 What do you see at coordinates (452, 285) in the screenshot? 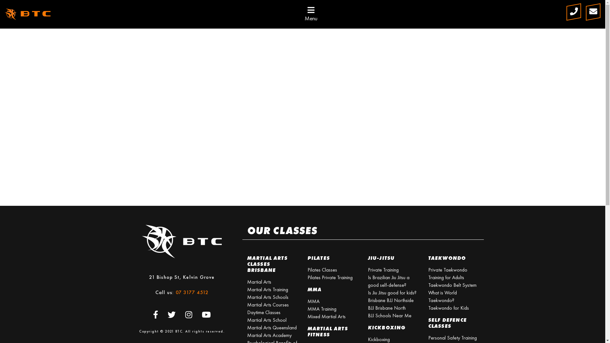
I see `'Taekwondo Belt System'` at bounding box center [452, 285].